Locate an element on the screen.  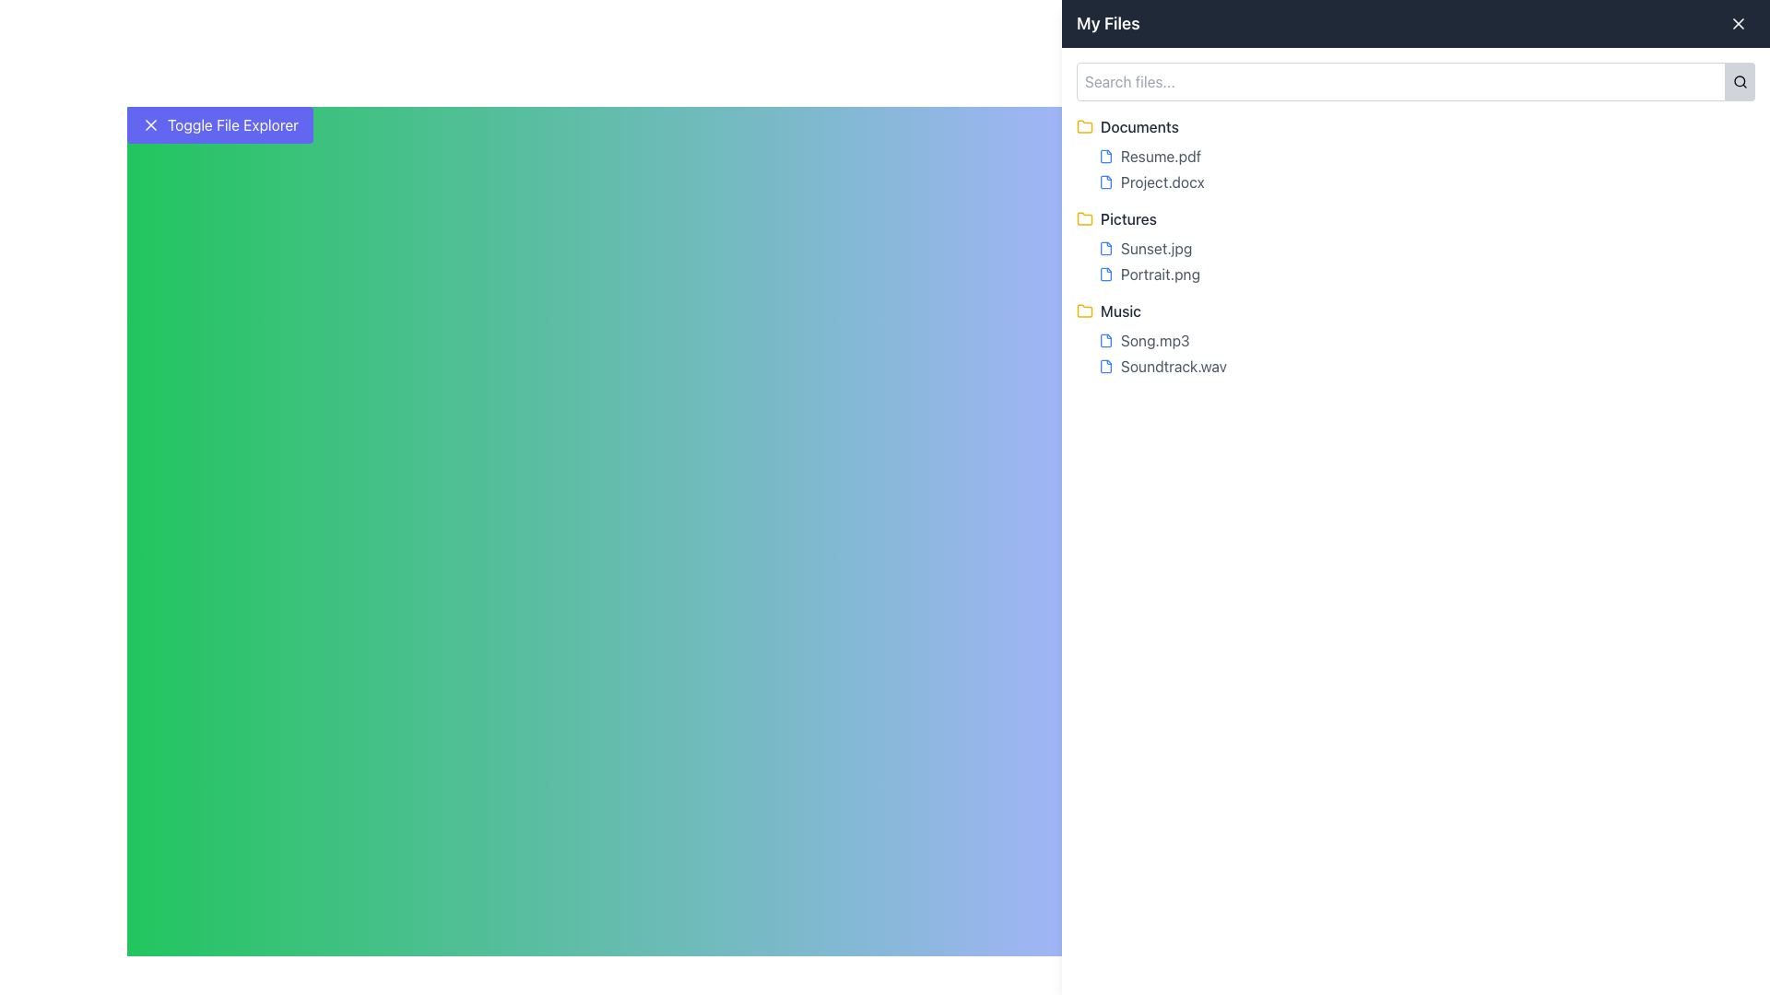
the small 'X' icon located on the left edge of the 'Toggle File Explorer' button, which has a blue background and white text is located at coordinates (150, 124).